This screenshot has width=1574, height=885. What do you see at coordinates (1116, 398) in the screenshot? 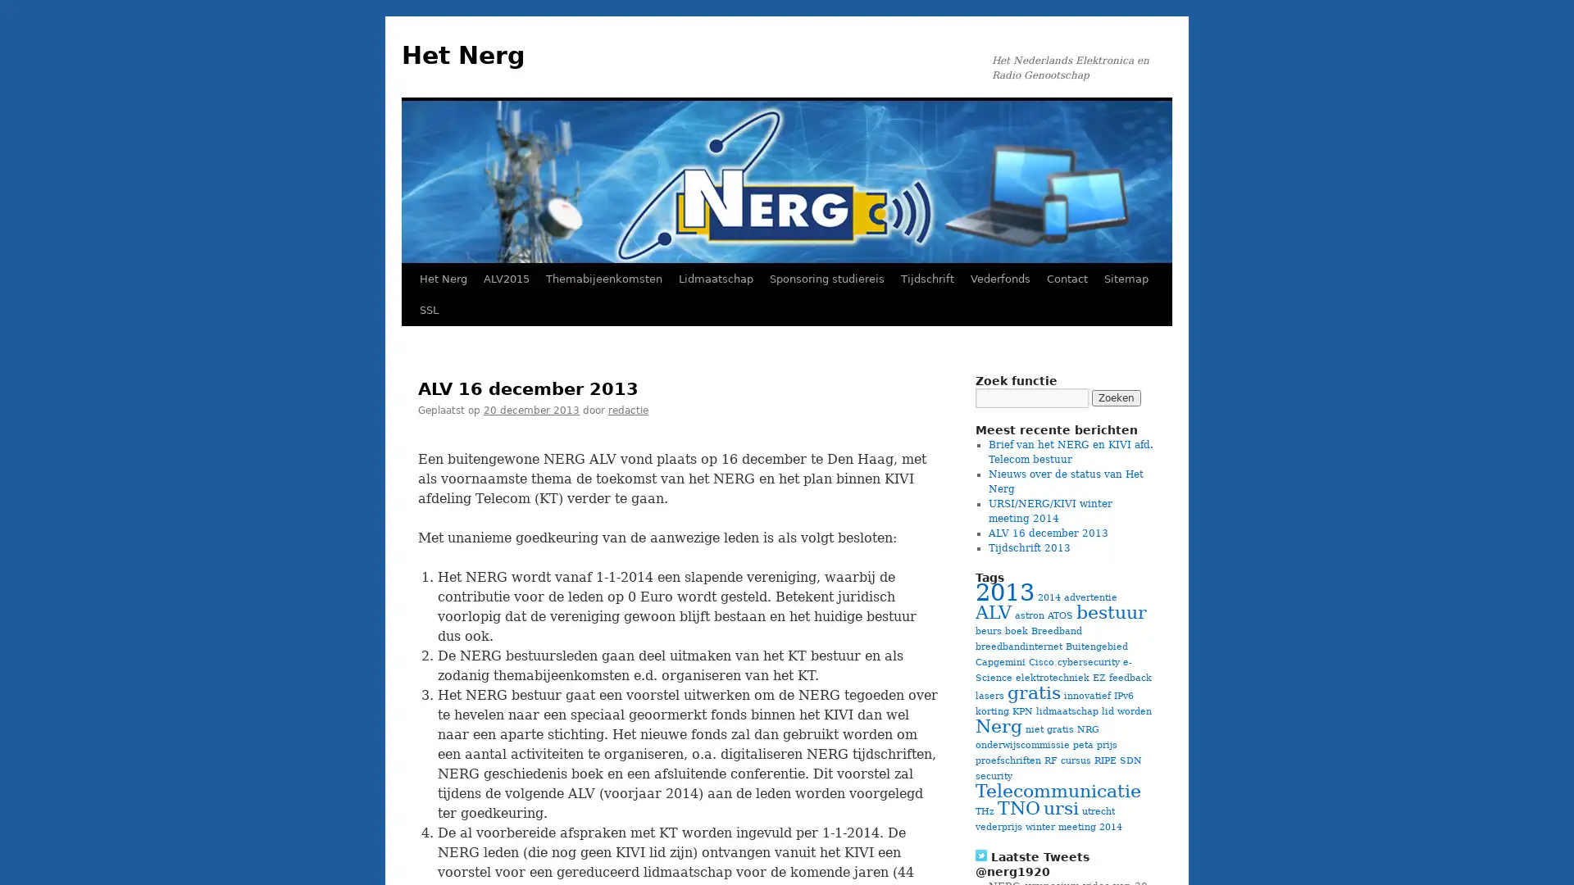
I see `Zoeken` at bounding box center [1116, 398].